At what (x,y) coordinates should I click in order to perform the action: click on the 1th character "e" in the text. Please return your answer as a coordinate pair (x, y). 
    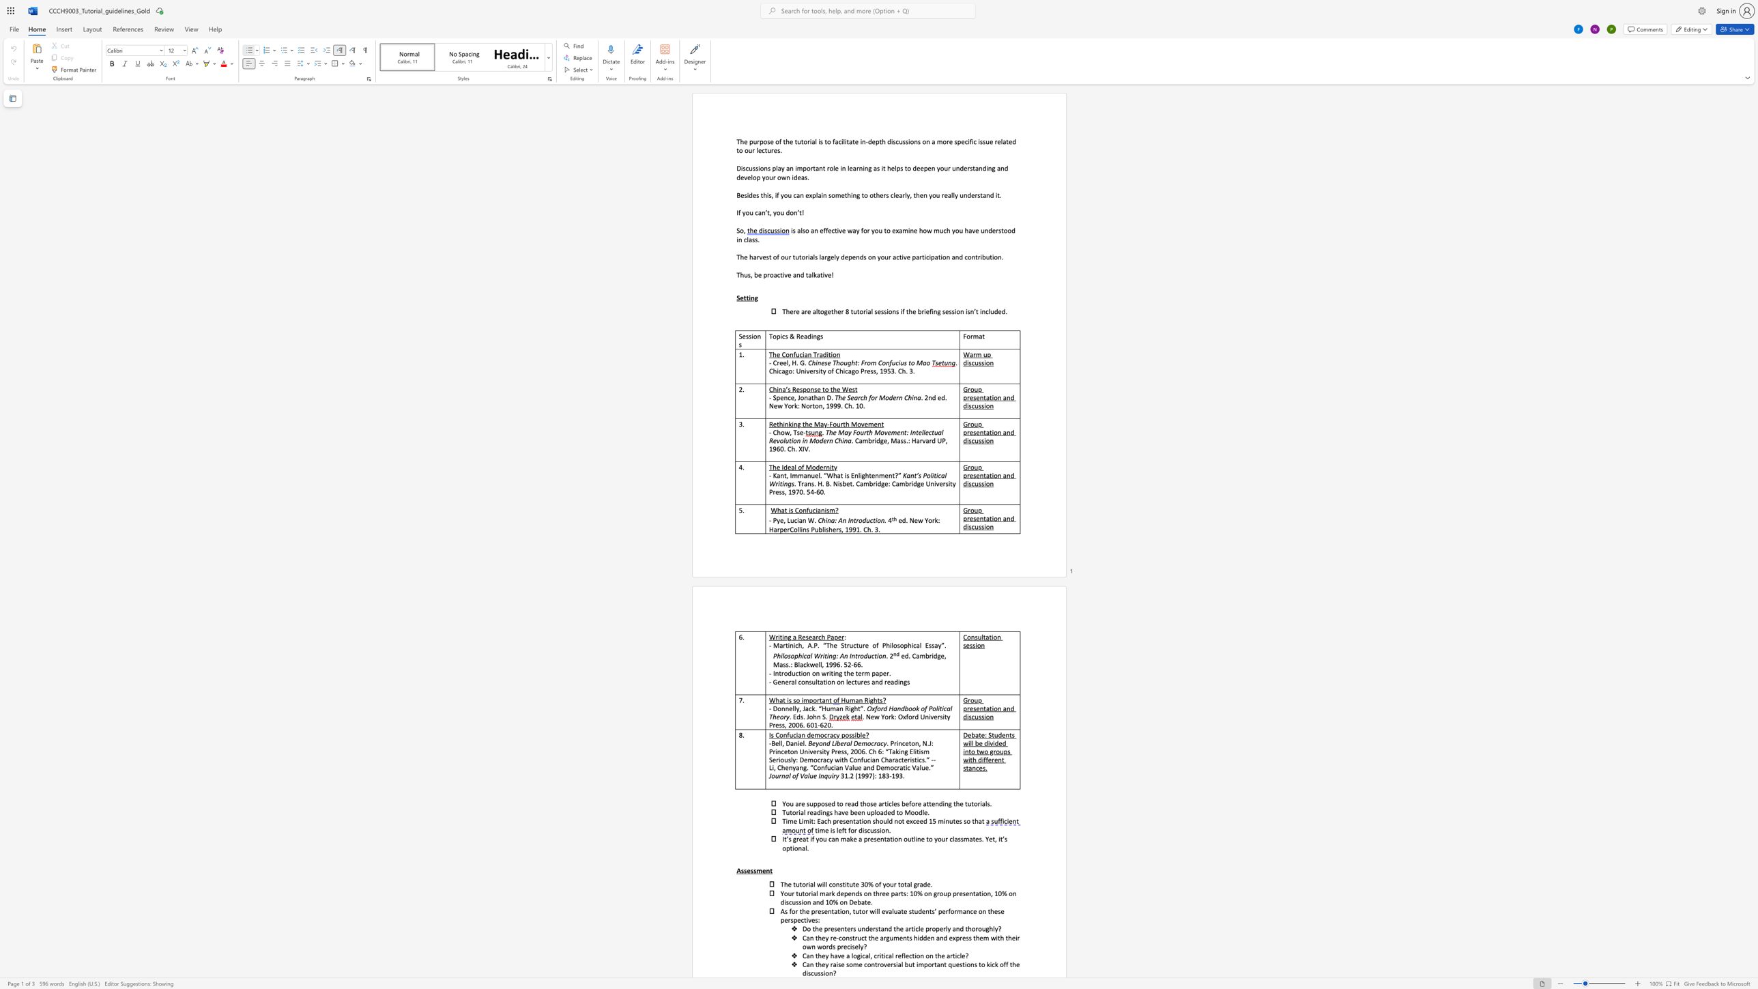
    Looking at the image, I should click on (802, 336).